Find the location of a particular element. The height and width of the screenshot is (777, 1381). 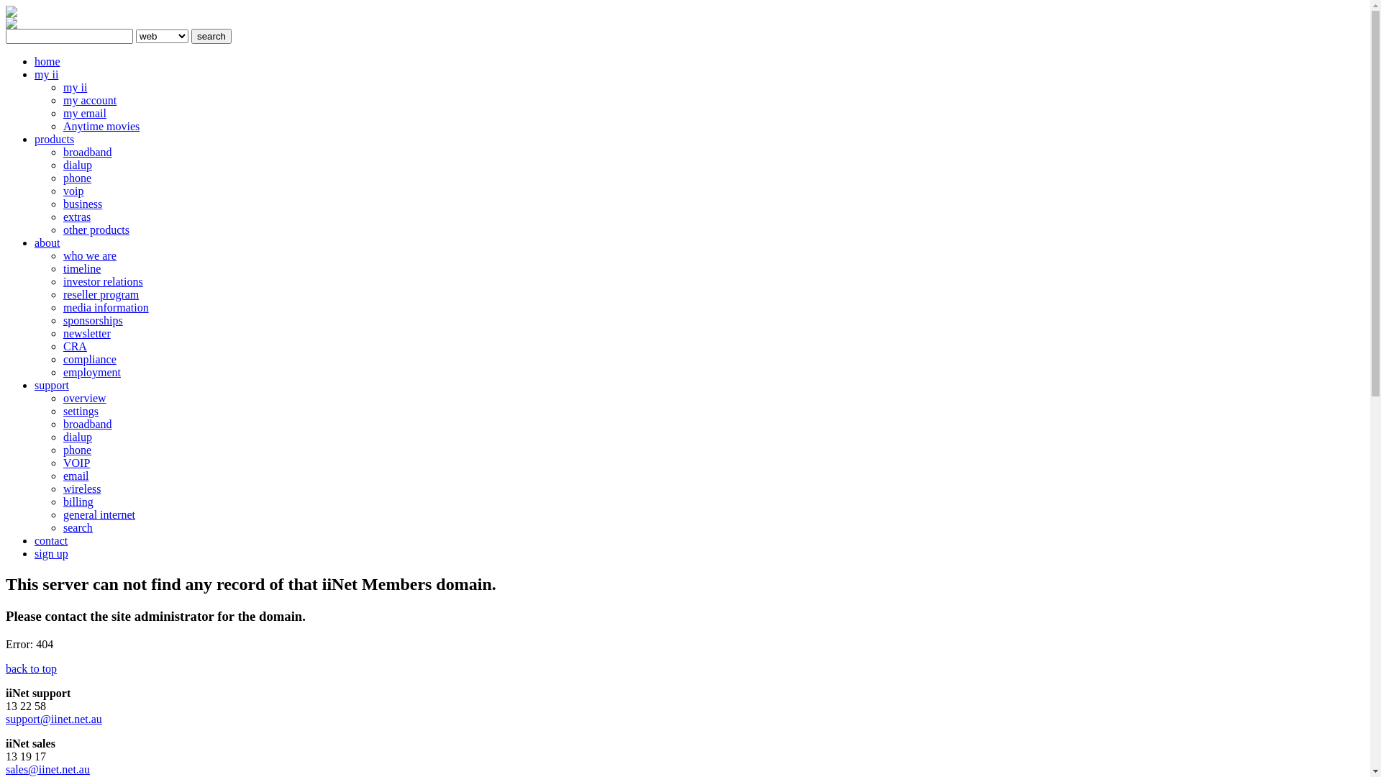

'who we are' is located at coordinates (88, 255).